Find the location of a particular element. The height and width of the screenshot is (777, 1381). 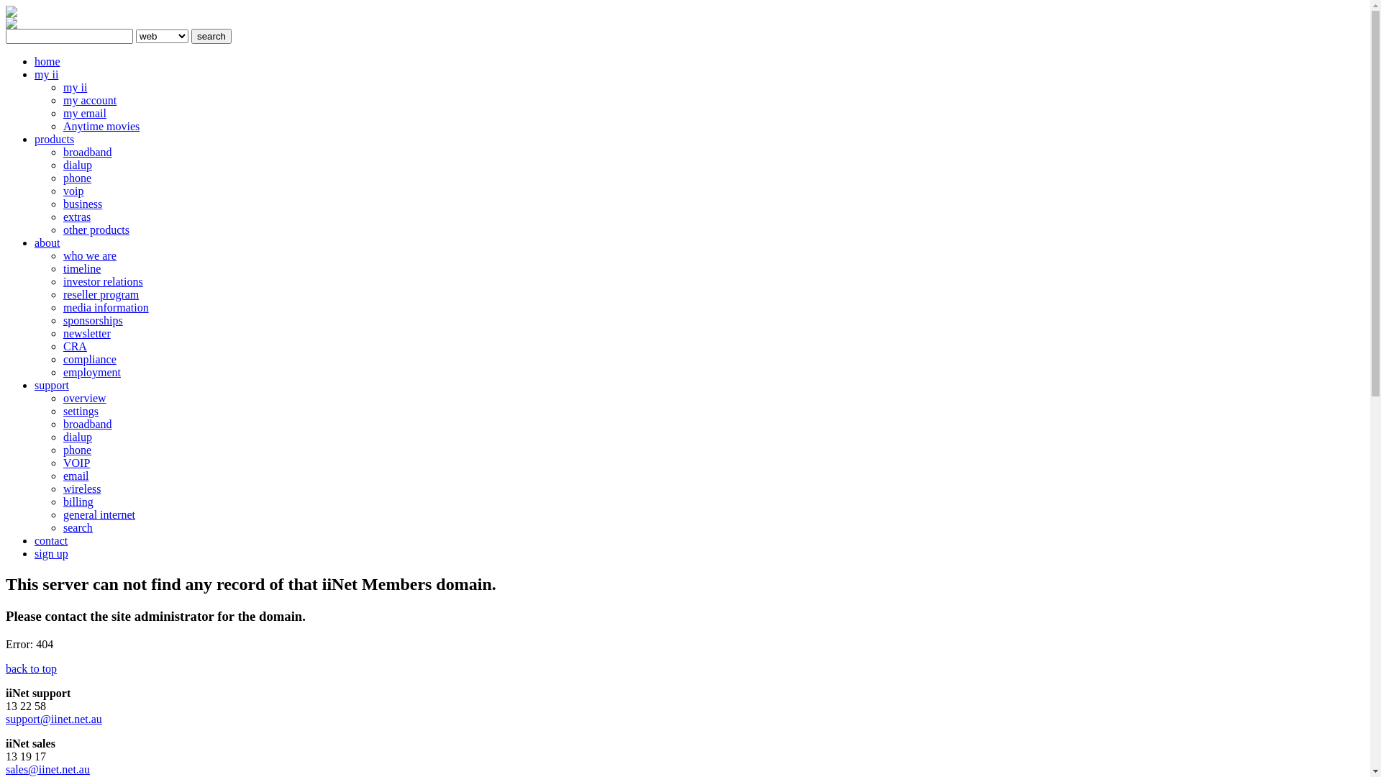

'who we are' is located at coordinates (88, 255).